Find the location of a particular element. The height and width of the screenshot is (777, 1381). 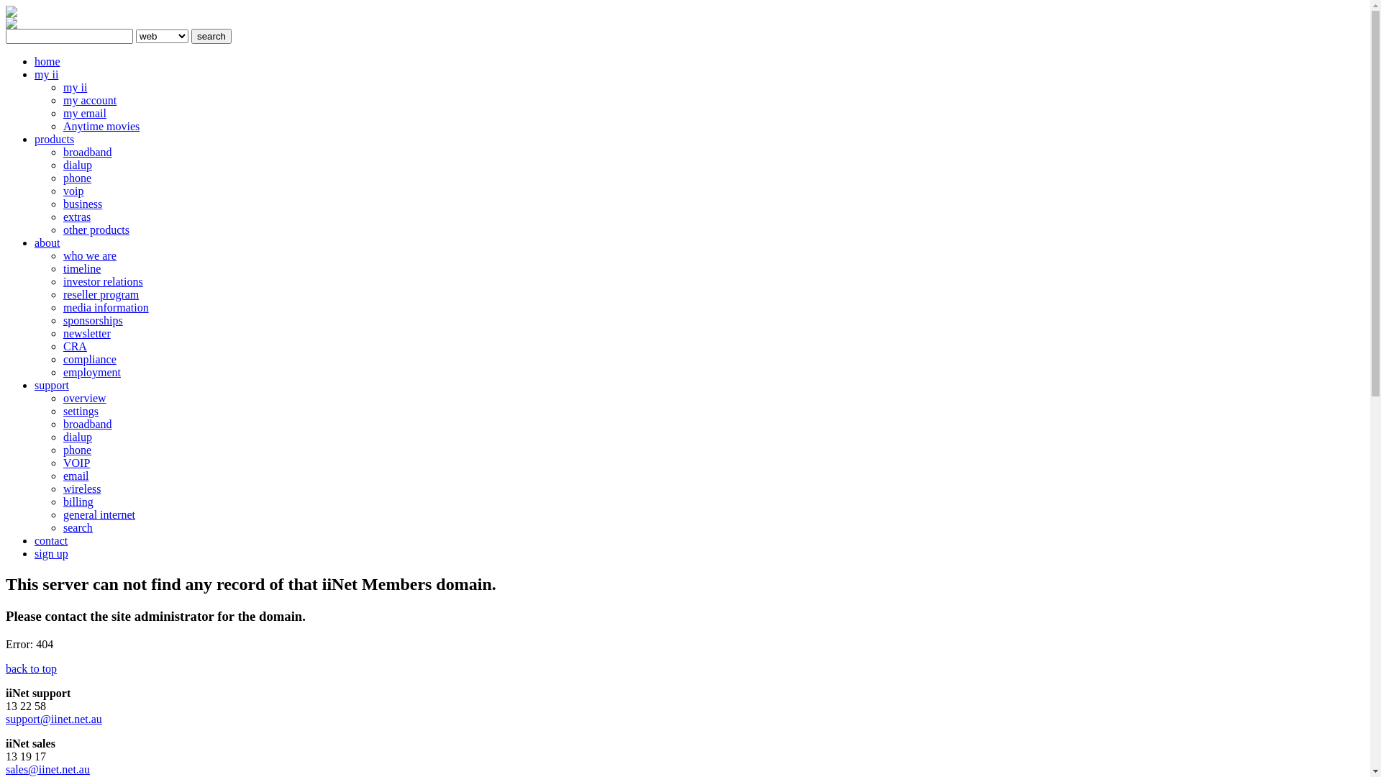

'who we are' is located at coordinates (88, 255).